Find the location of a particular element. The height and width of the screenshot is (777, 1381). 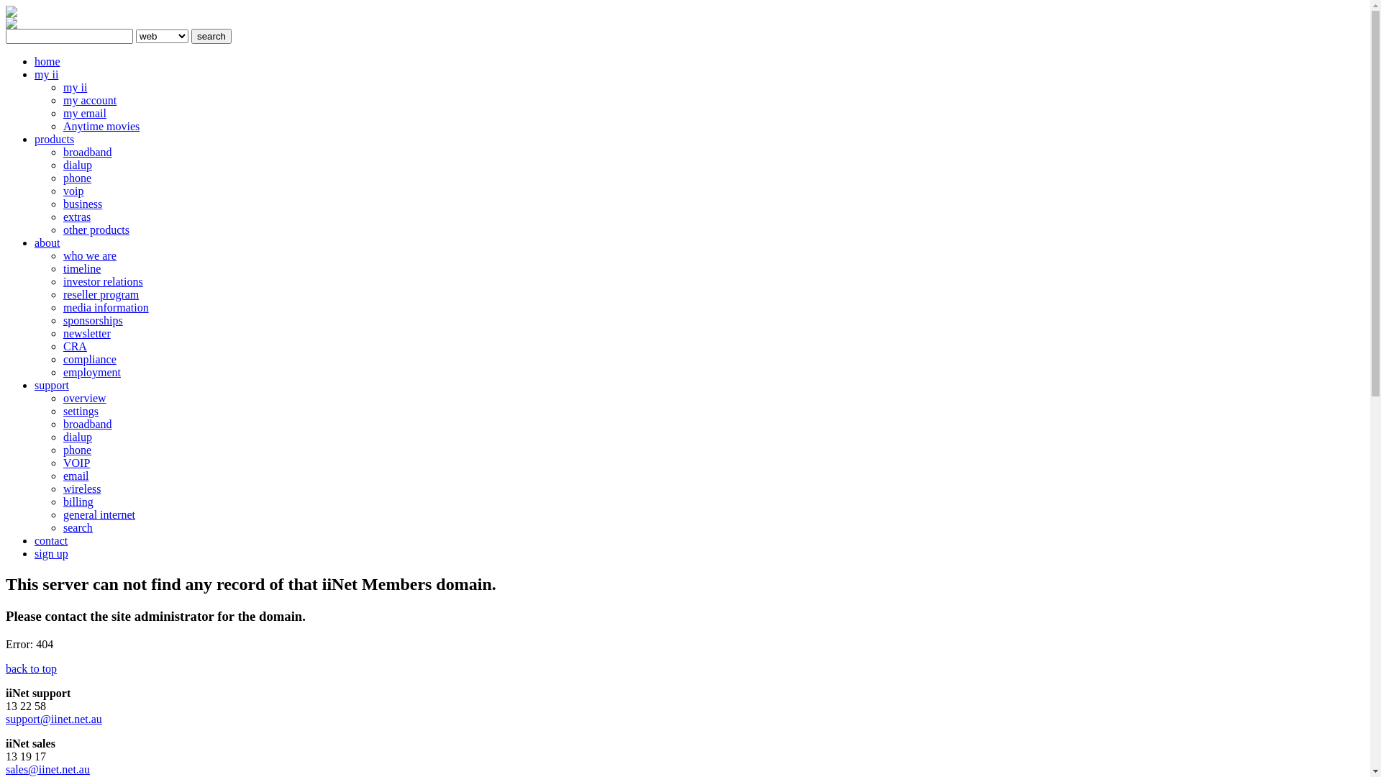

'who we are' is located at coordinates (88, 255).